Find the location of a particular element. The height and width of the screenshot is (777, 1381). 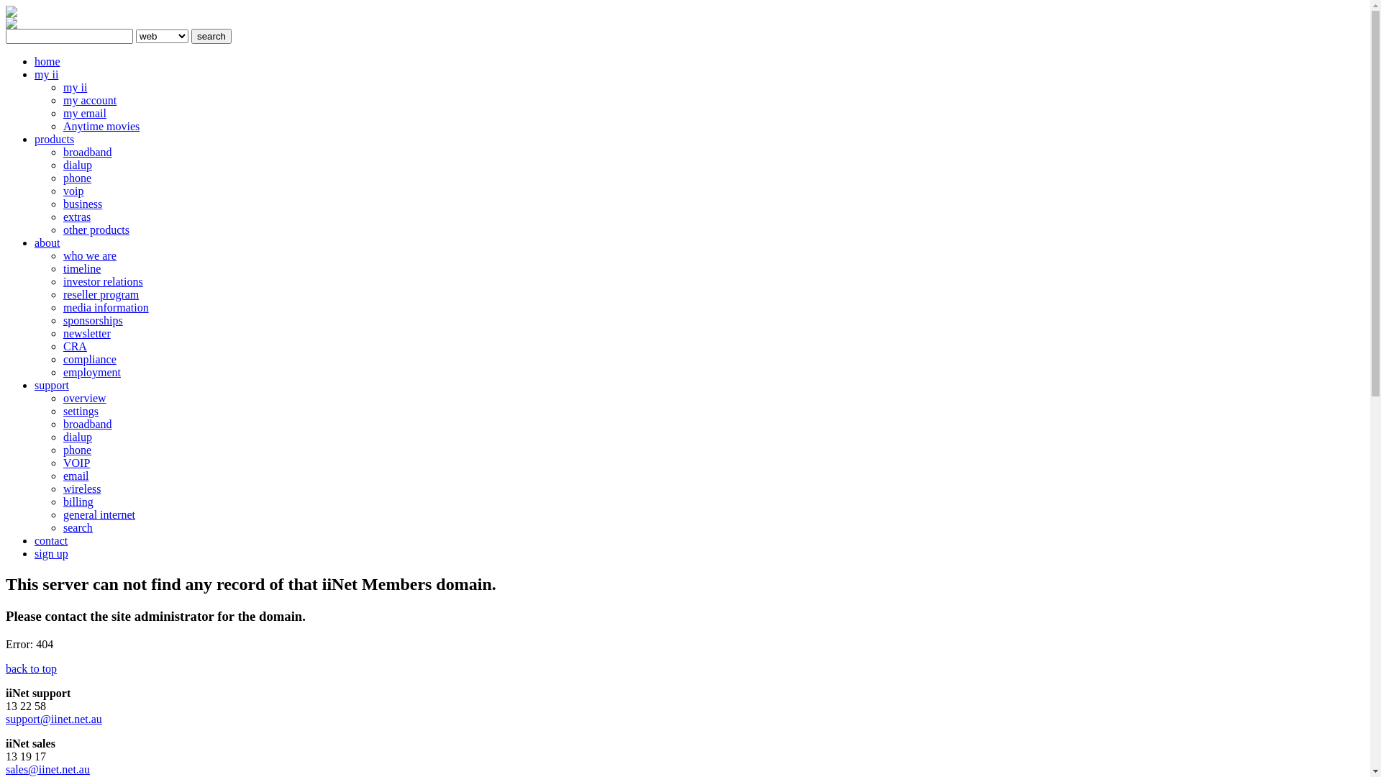

'who we are' is located at coordinates (88, 255).